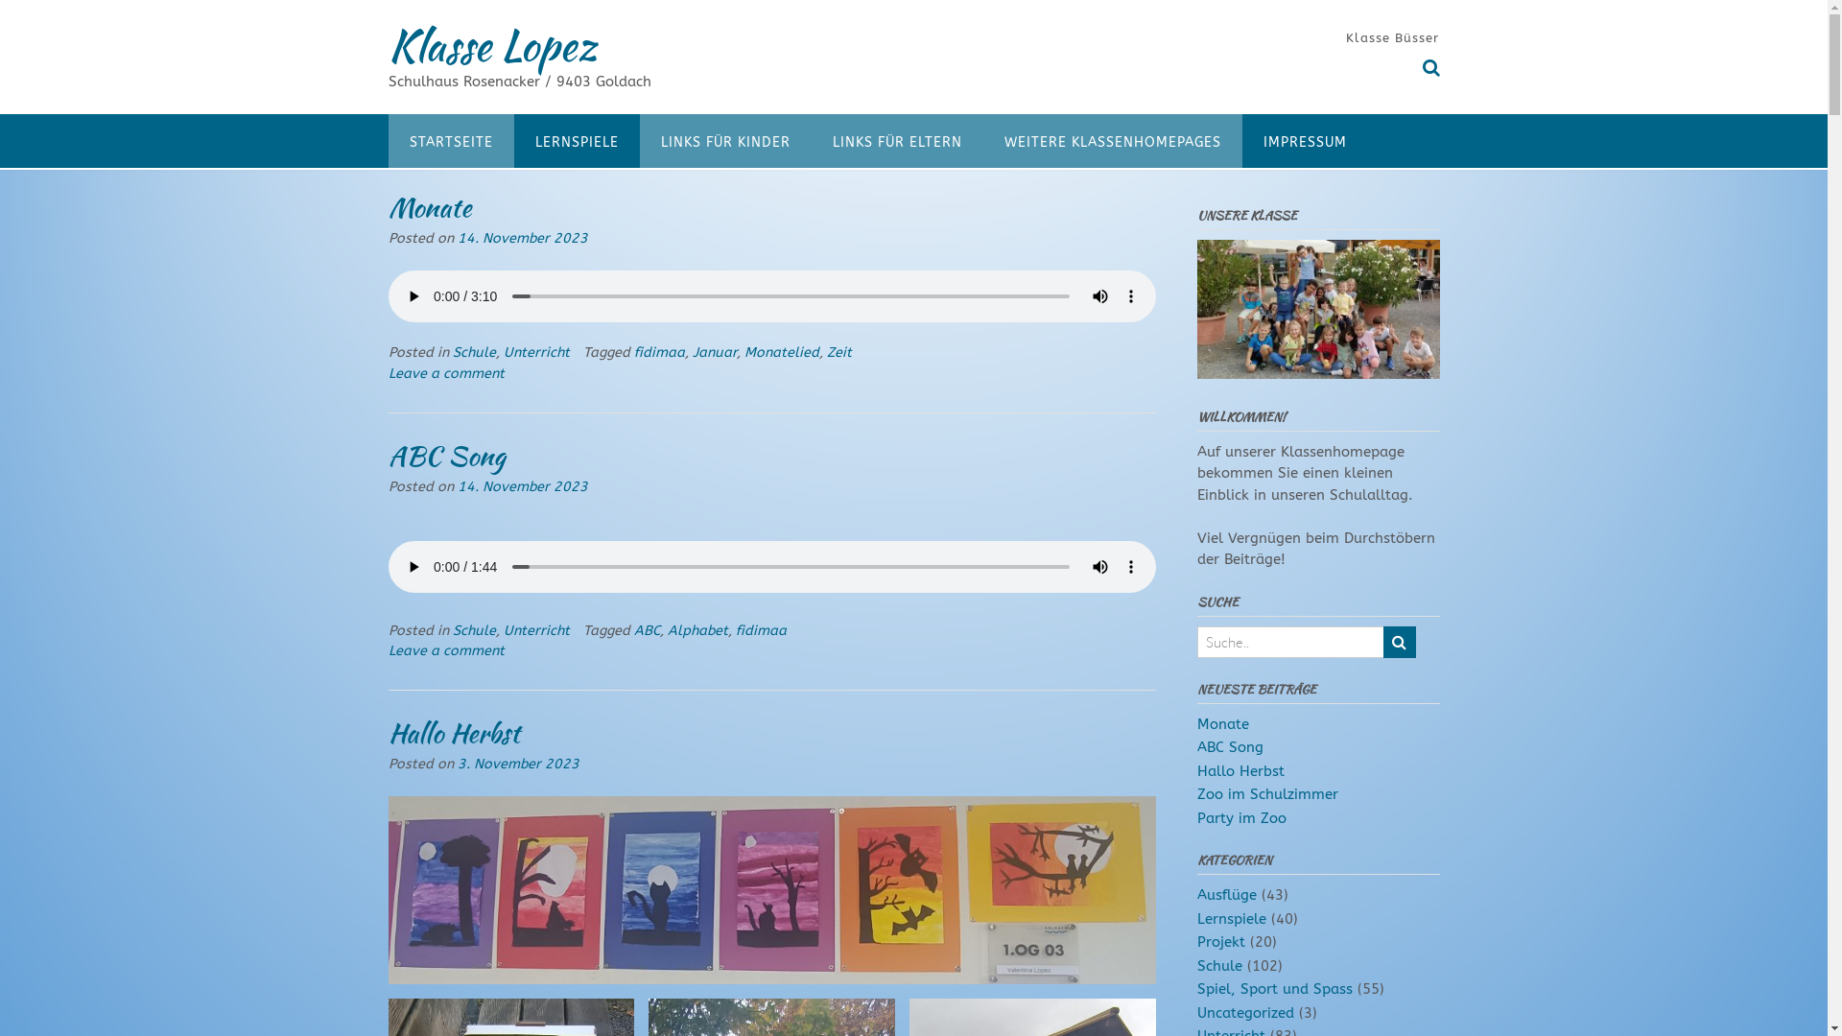 The image size is (1842, 1036). Describe the element at coordinates (521, 237) in the screenshot. I see `'14. November 2023'` at that location.